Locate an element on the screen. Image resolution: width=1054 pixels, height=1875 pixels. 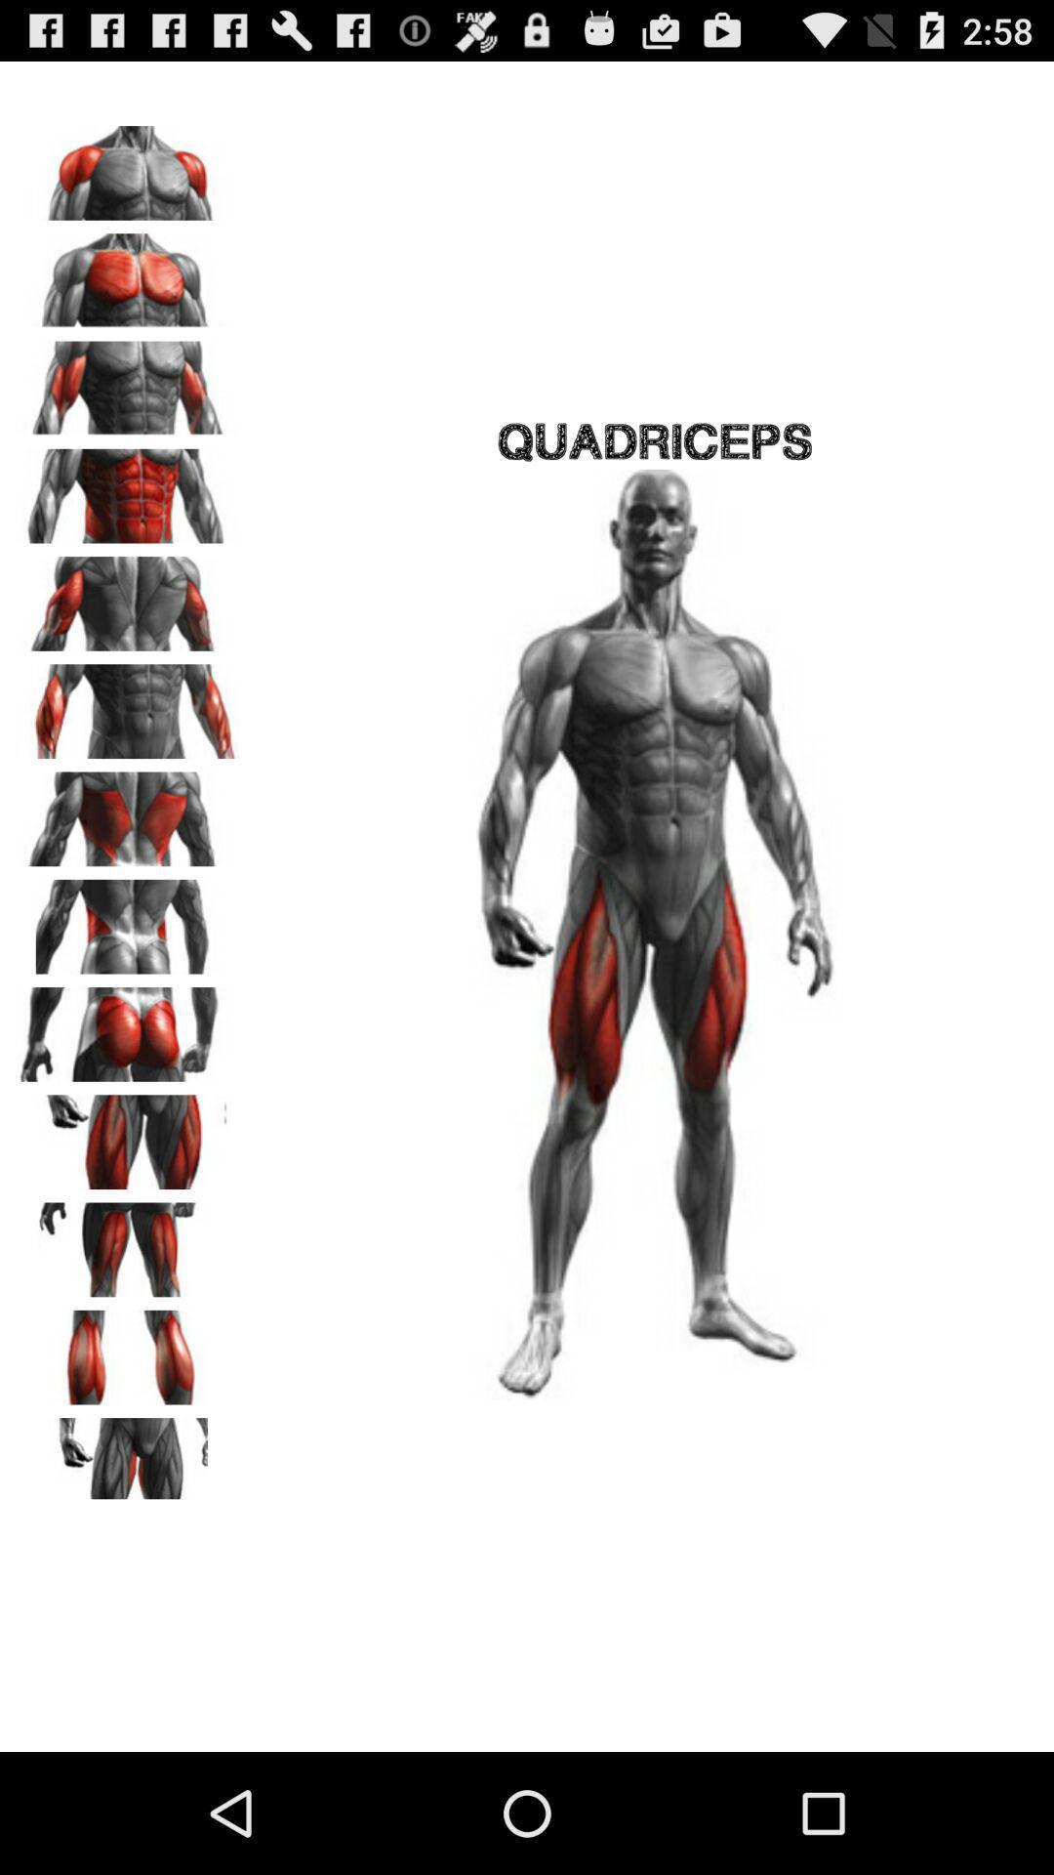
click front of the human body is located at coordinates (128, 272).